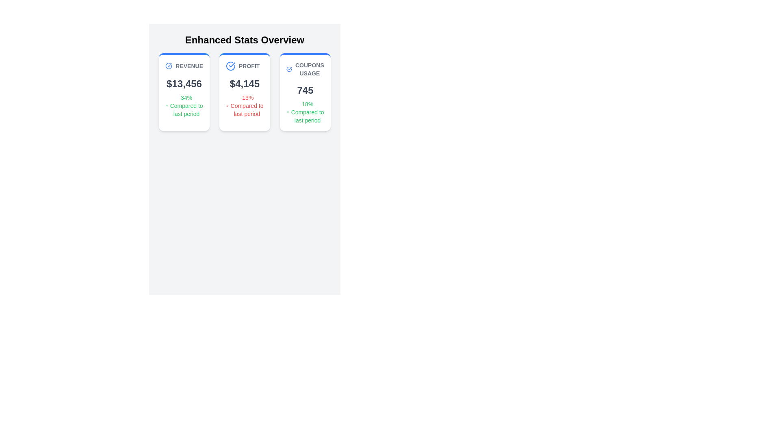 This screenshot has width=780, height=438. What do you see at coordinates (288, 112) in the screenshot?
I see `the upward trend icon located to the left of the text '18% Compared to last period' under the 'COUPONS USAGE' card, indicating a positive change in the metric` at bounding box center [288, 112].